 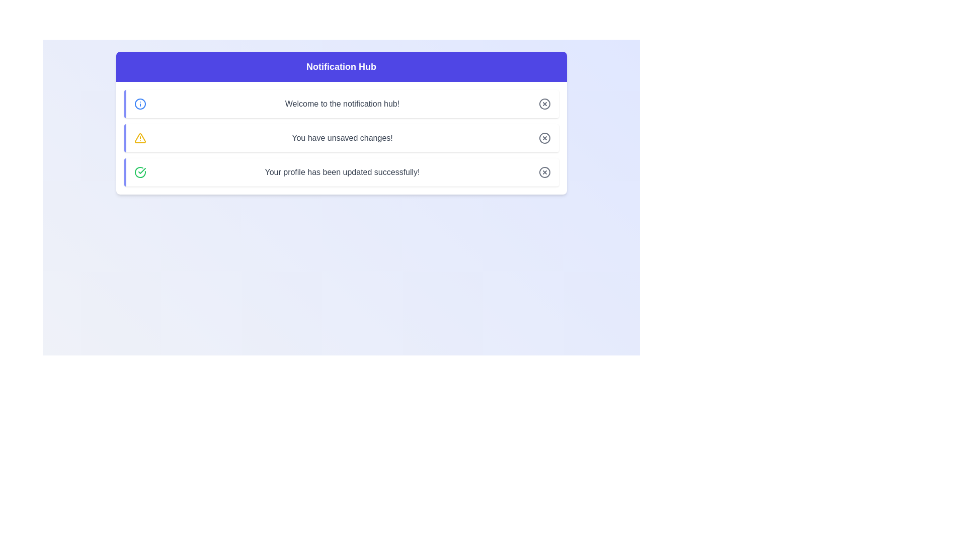 I want to click on notification text from the third notification which contains the message 'Your profile has been updated successfully!' and a dismiss button, so click(x=341, y=172).